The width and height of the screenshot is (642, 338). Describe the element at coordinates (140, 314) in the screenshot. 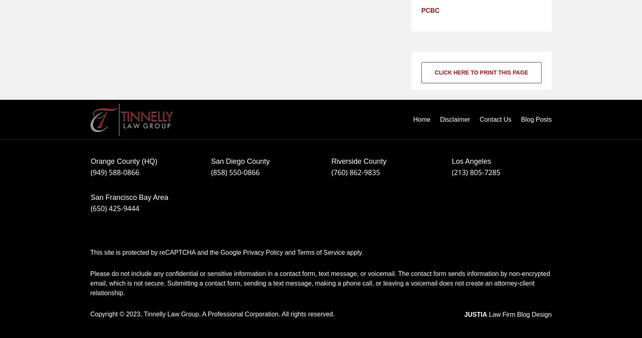

I see `','` at that location.